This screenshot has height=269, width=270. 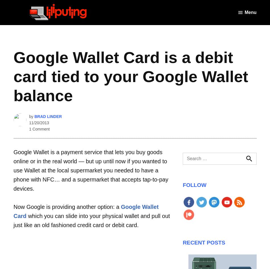 What do you see at coordinates (67, 206) in the screenshot?
I see `'Now Google is providing another option: a'` at bounding box center [67, 206].